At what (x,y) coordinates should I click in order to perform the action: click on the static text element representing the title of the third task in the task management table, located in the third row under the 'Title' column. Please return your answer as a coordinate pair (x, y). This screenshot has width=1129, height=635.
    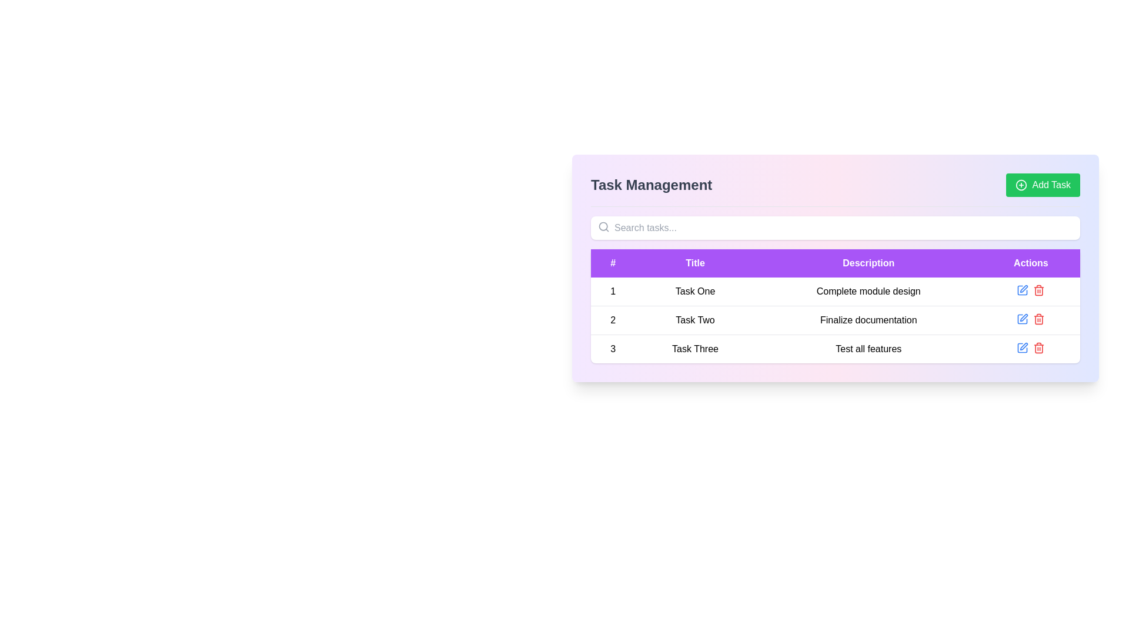
    Looking at the image, I should click on (695, 348).